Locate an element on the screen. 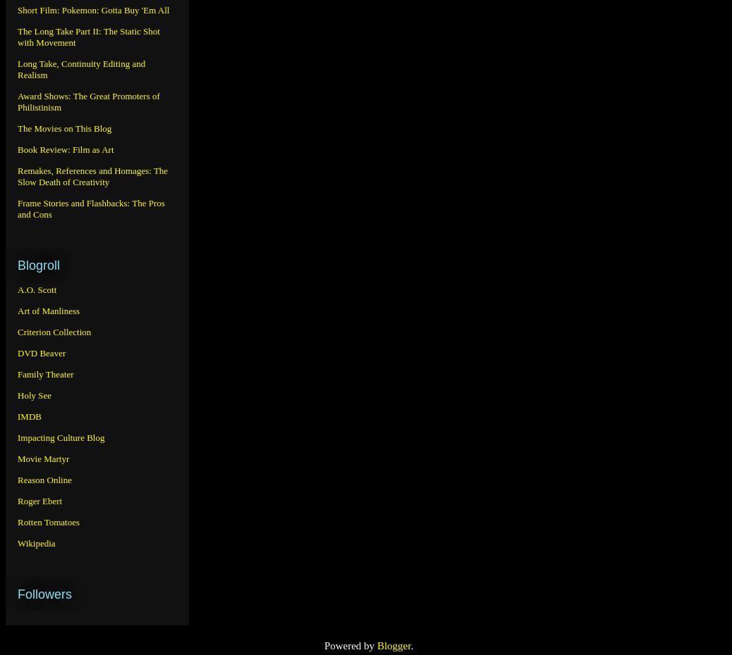 Image resolution: width=732 pixels, height=655 pixels. 'Long Take, Continuity Editing and Realism' is located at coordinates (80, 68).